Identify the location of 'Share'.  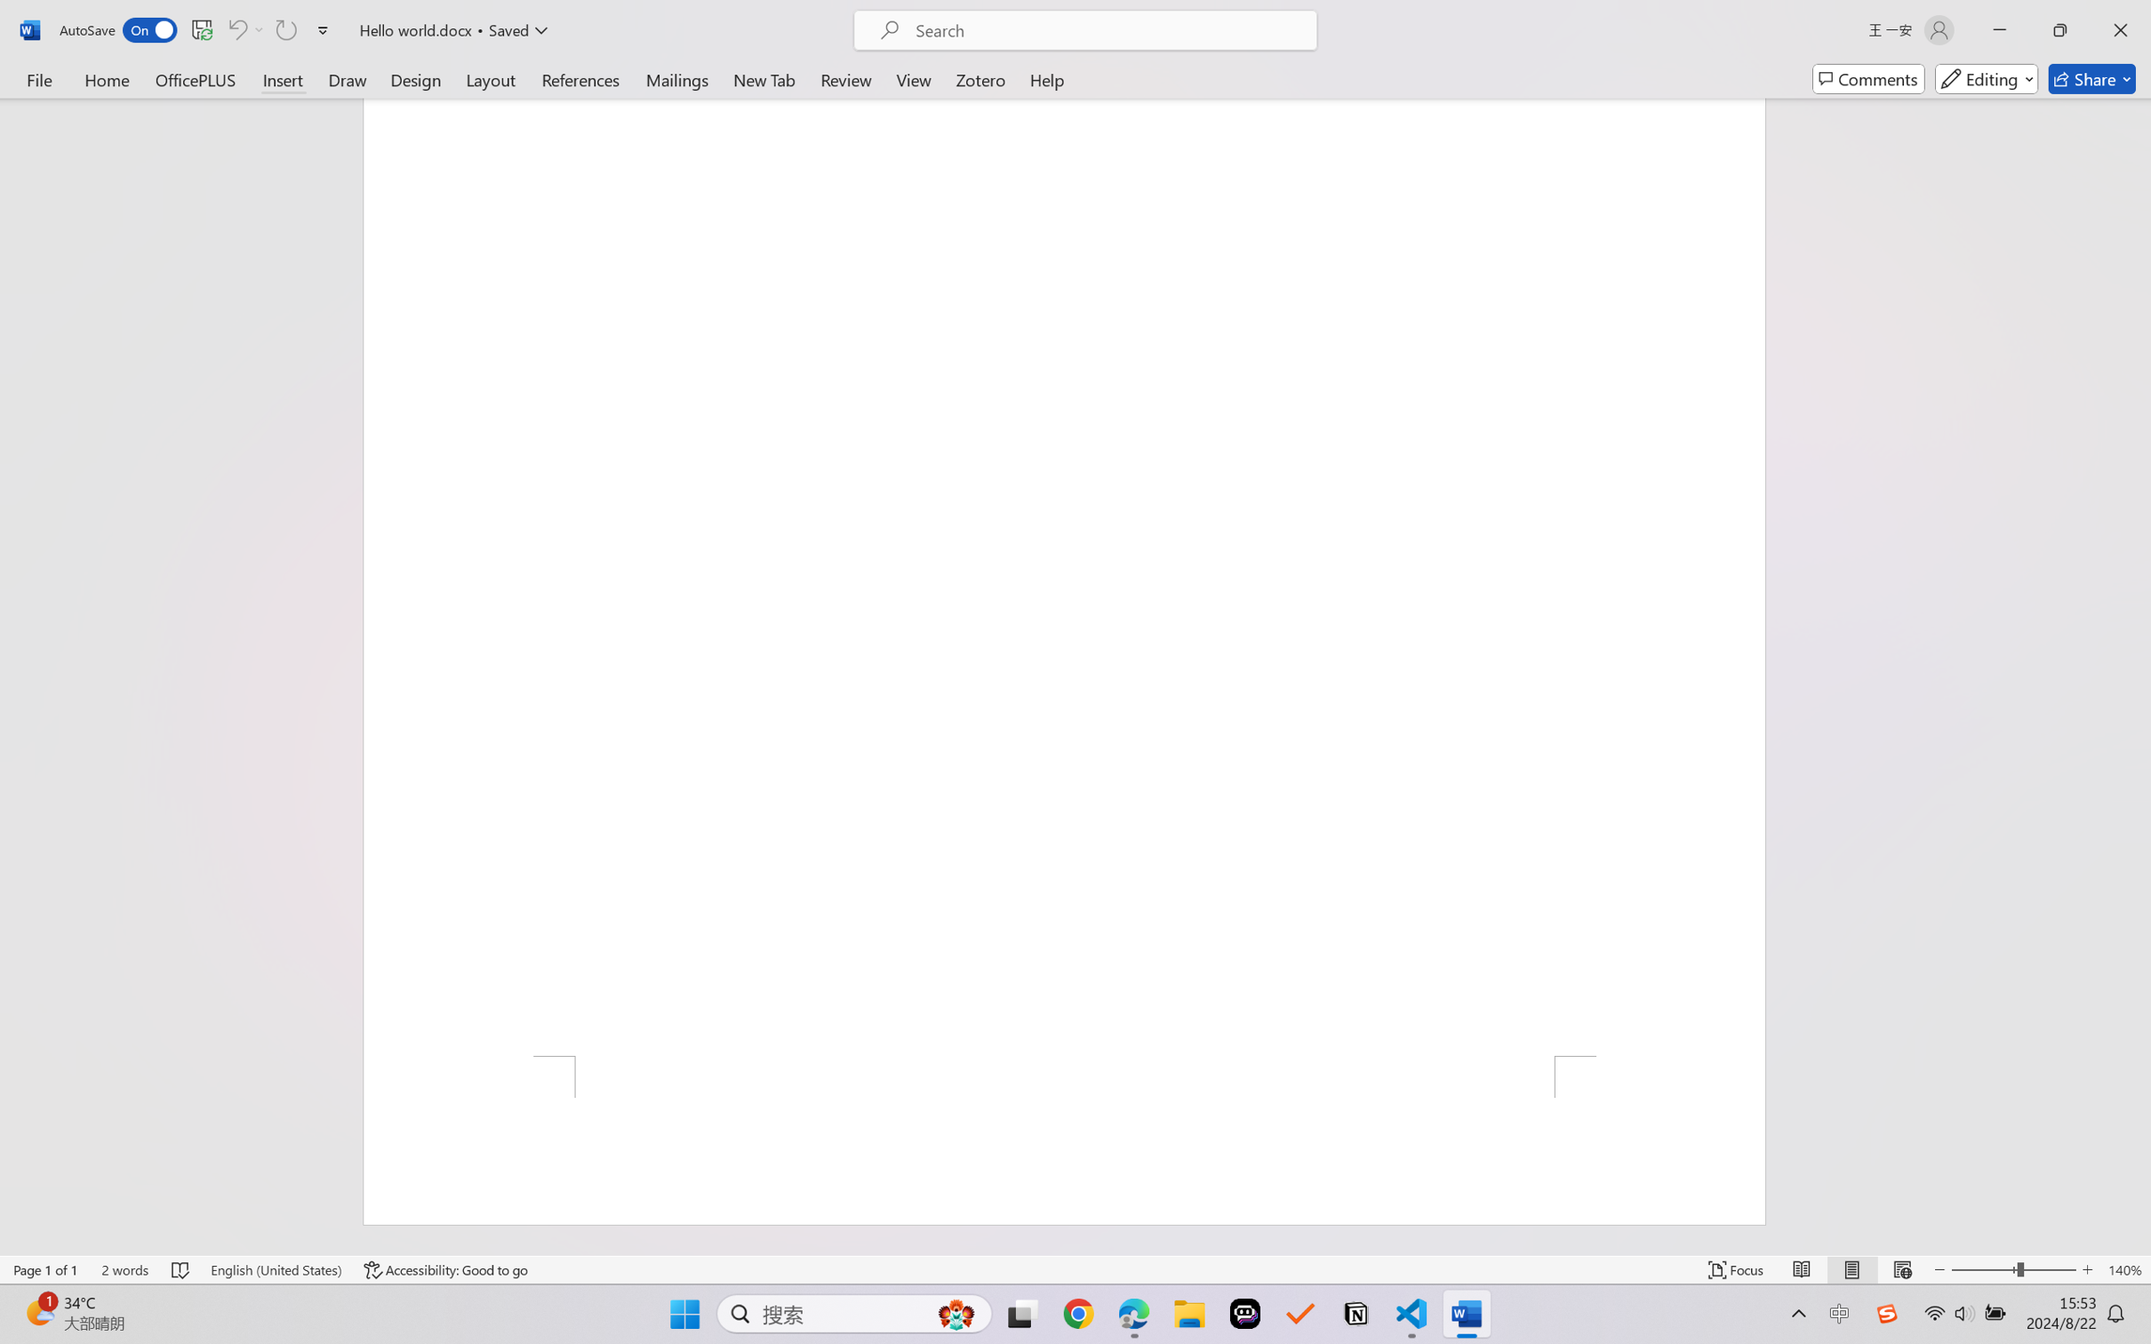
(2091, 78).